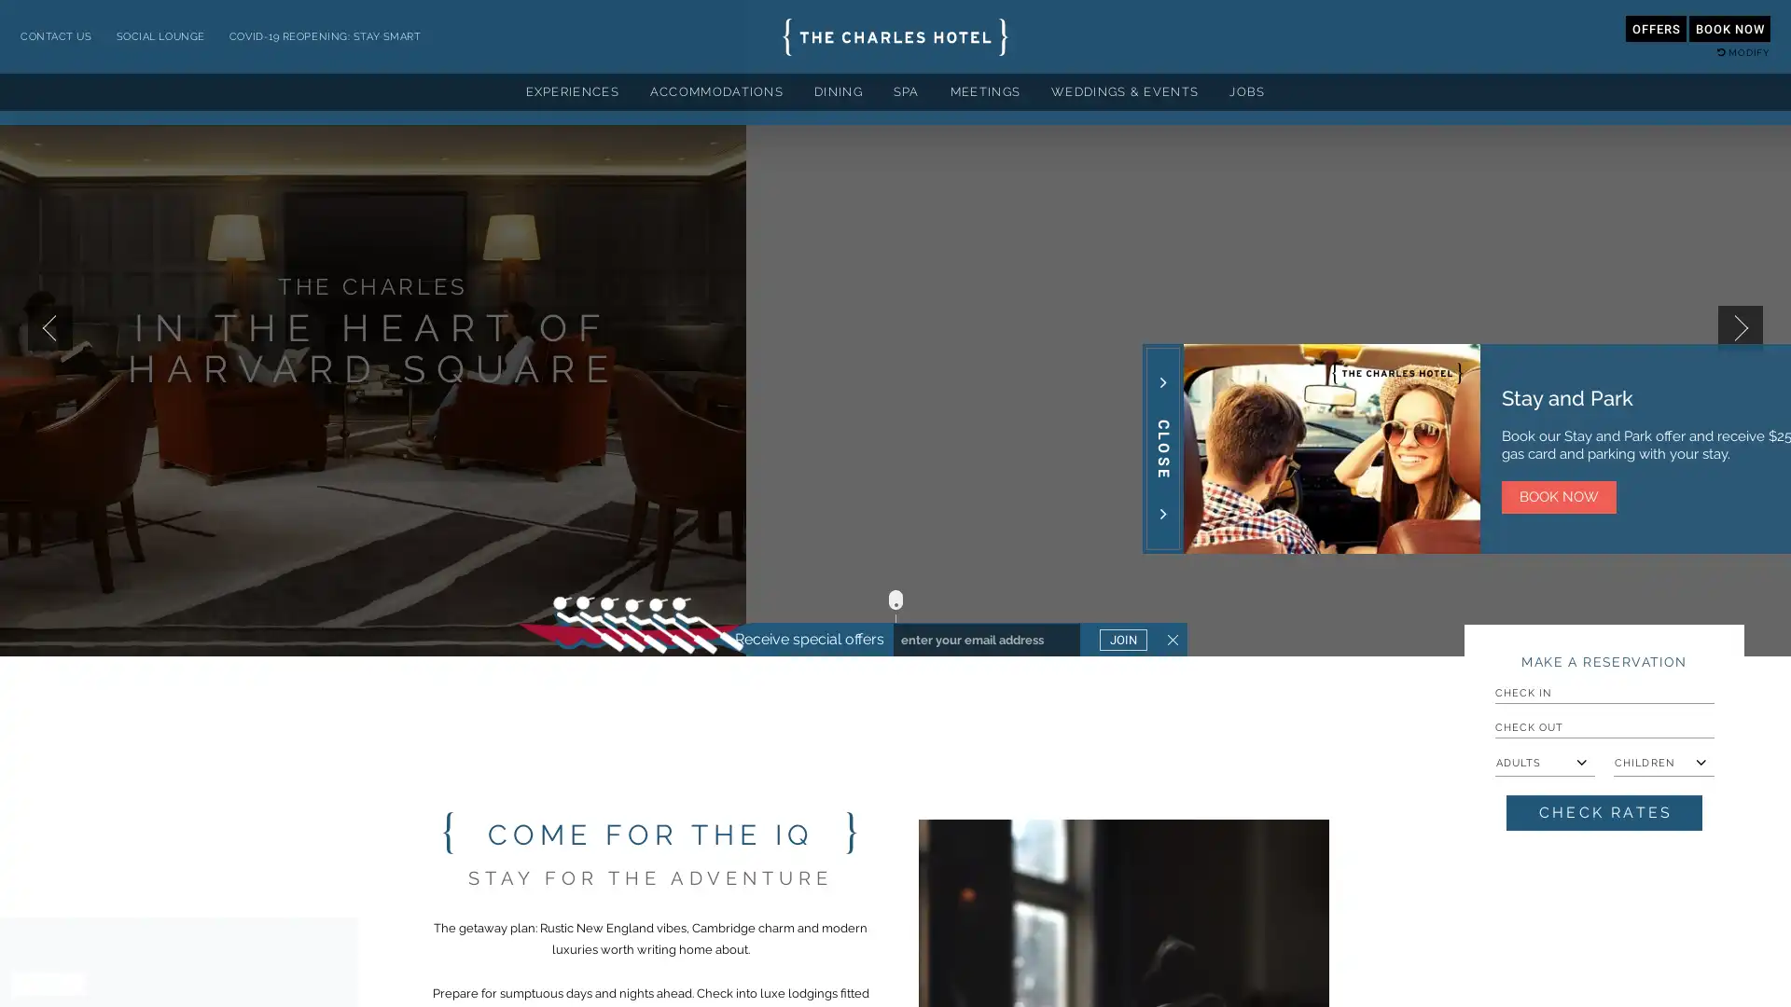 This screenshot has width=1791, height=1007. I want to click on BOOK NOW, so click(1729, 28).